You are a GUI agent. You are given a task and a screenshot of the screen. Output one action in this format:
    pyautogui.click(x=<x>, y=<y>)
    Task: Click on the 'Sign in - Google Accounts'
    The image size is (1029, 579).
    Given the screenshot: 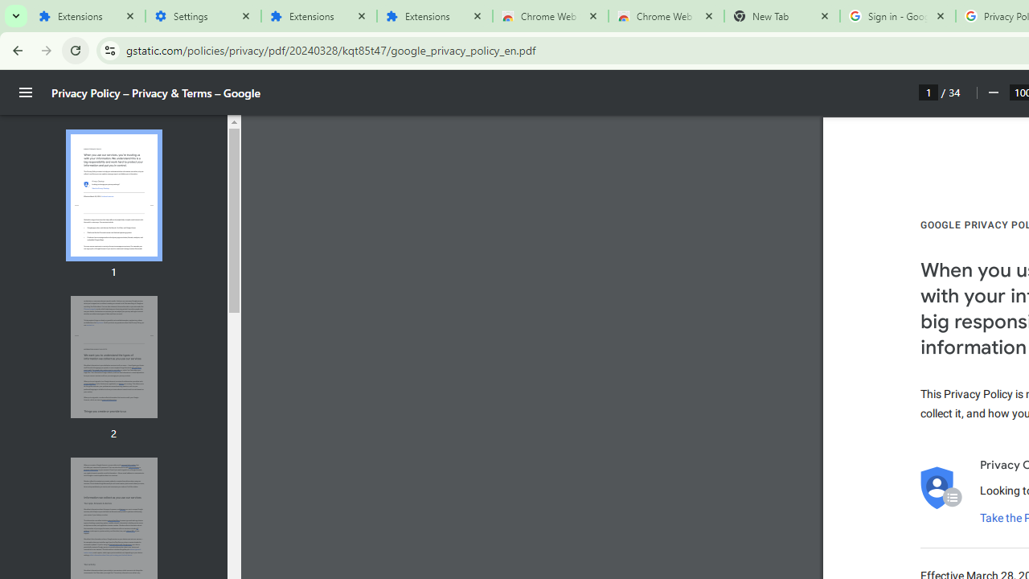 What is the action you would take?
    pyautogui.click(x=896, y=16)
    